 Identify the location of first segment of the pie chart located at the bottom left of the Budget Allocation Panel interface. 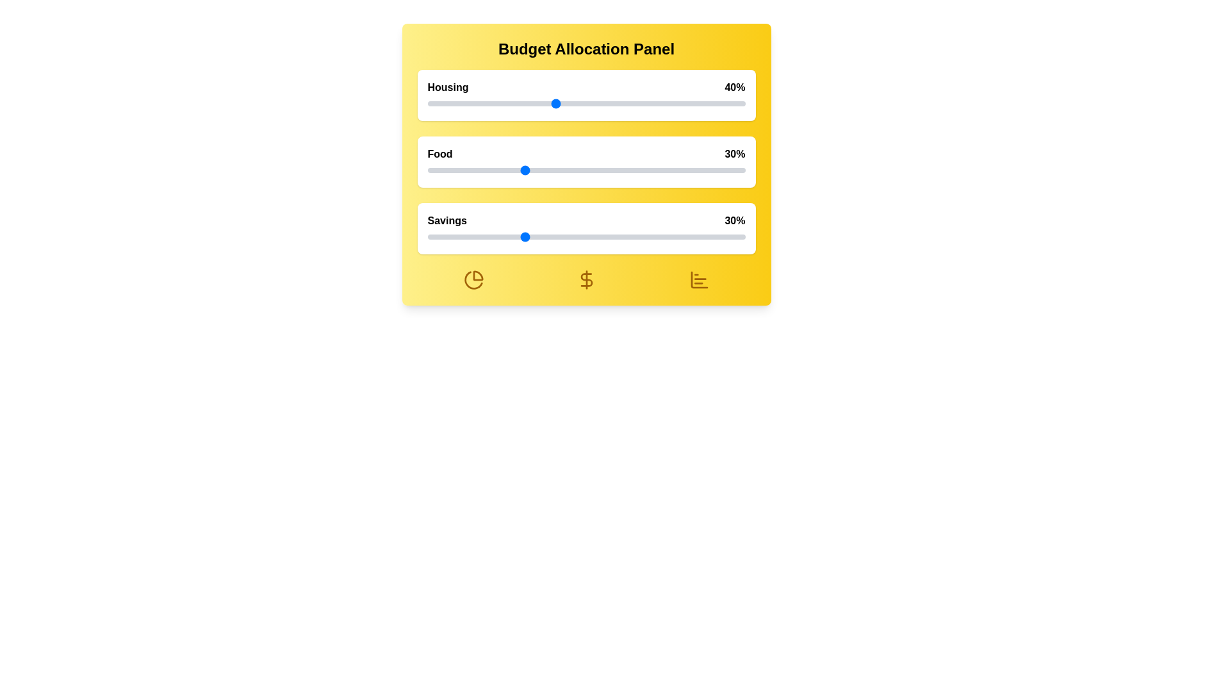
(477, 275).